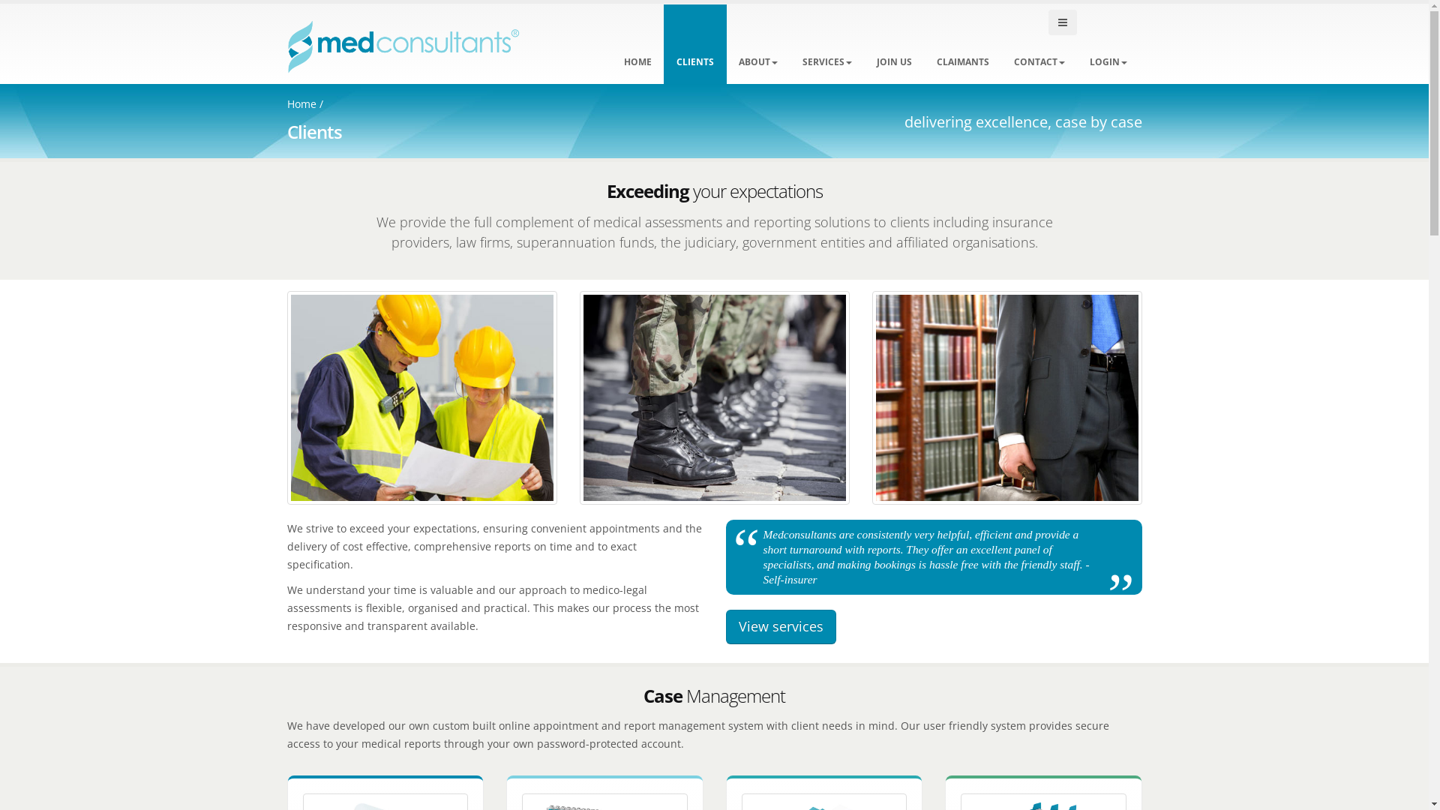 The height and width of the screenshot is (810, 1440). I want to click on 'Home /', so click(286, 103).